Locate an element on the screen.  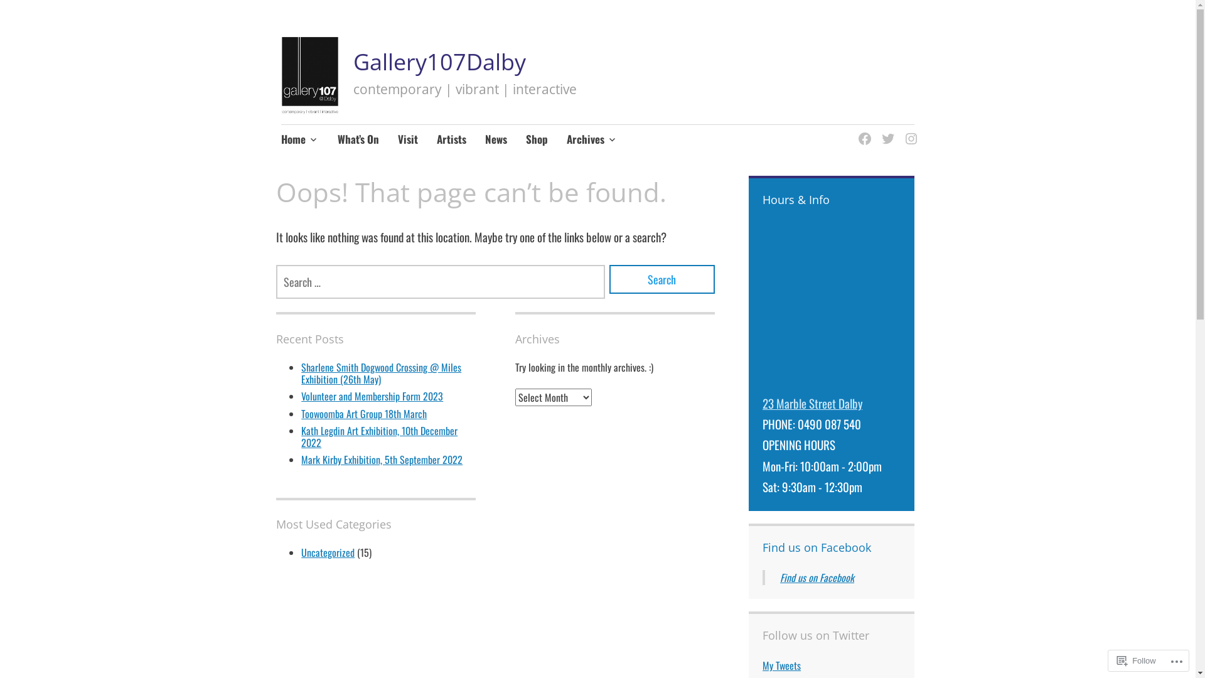
'Volunteer and Membership Form 2023' is located at coordinates (301, 396).